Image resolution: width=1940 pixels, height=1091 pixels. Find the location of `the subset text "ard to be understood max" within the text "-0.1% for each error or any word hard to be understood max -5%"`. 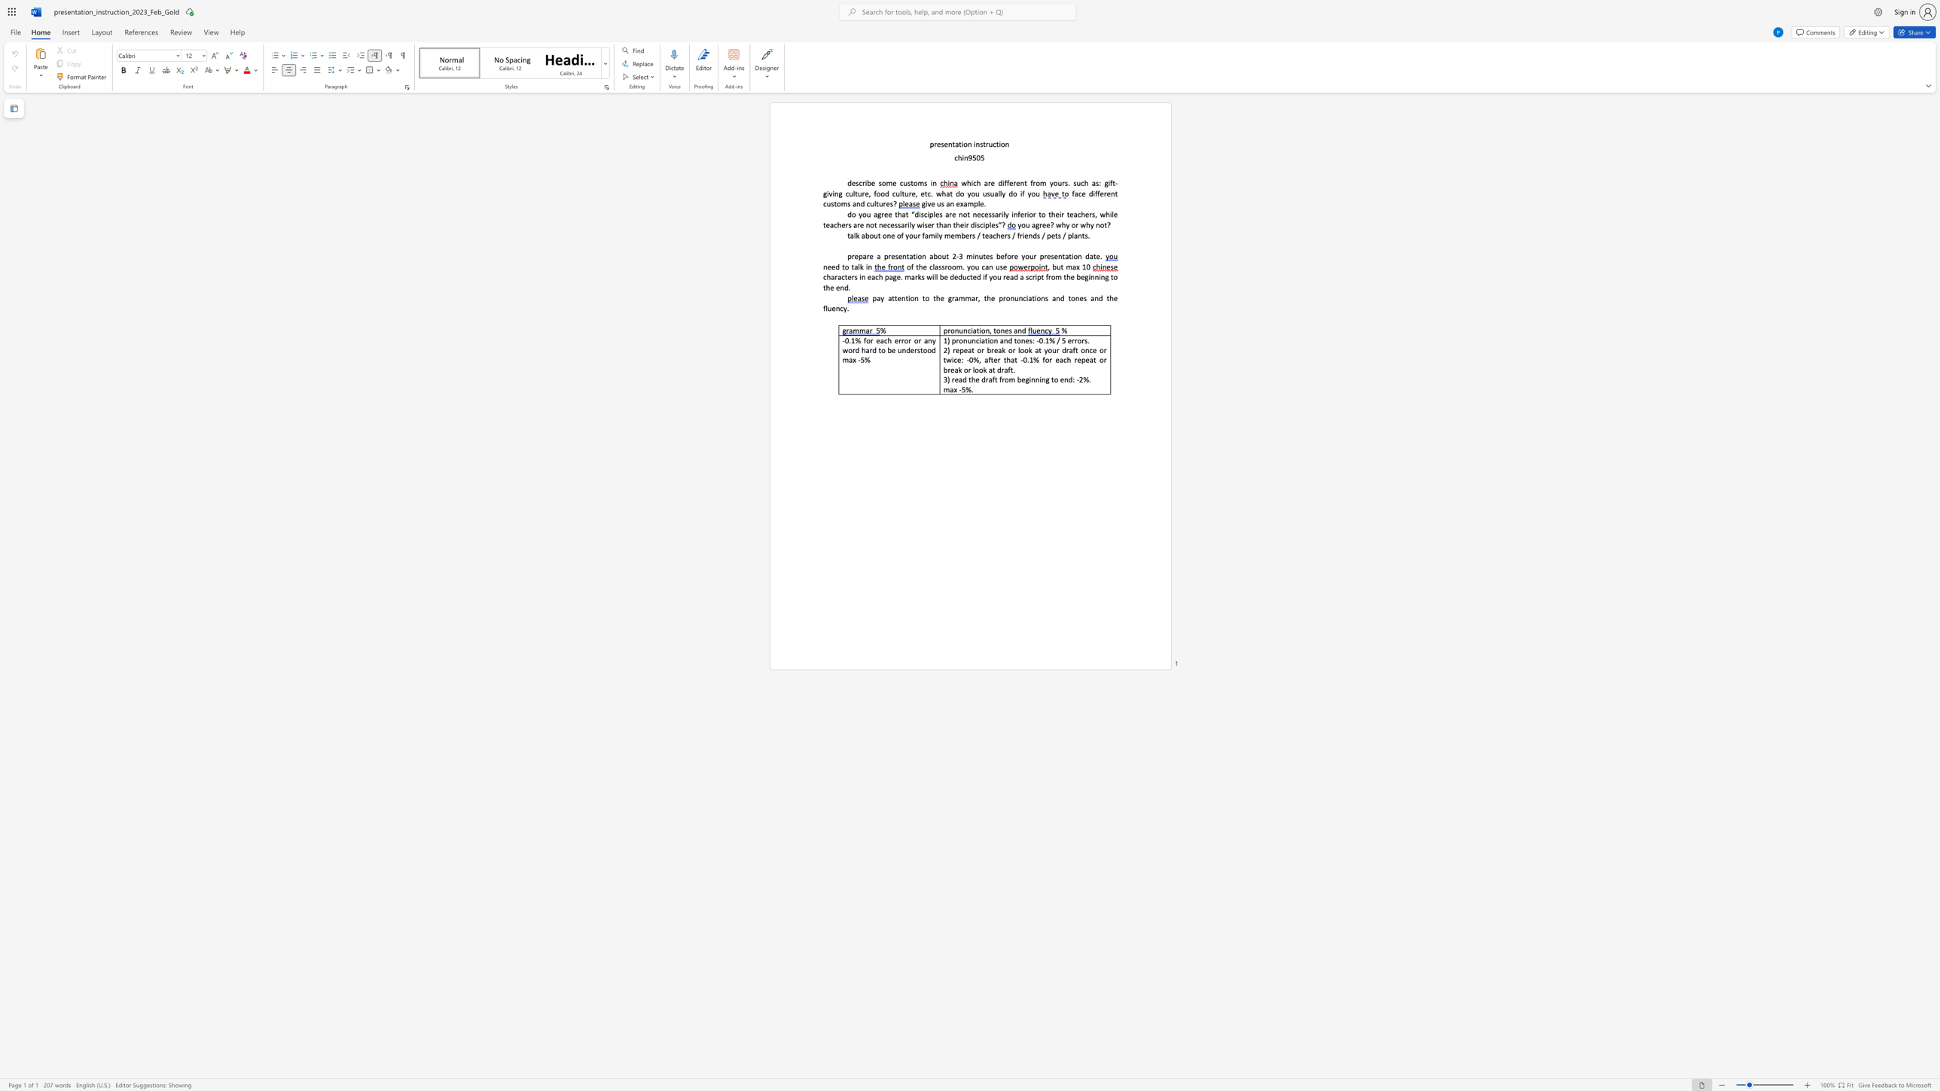

the subset text "ard to be understood max" within the text "-0.1% for each error or any word hard to be understood max -5%" is located at coordinates (865, 349).